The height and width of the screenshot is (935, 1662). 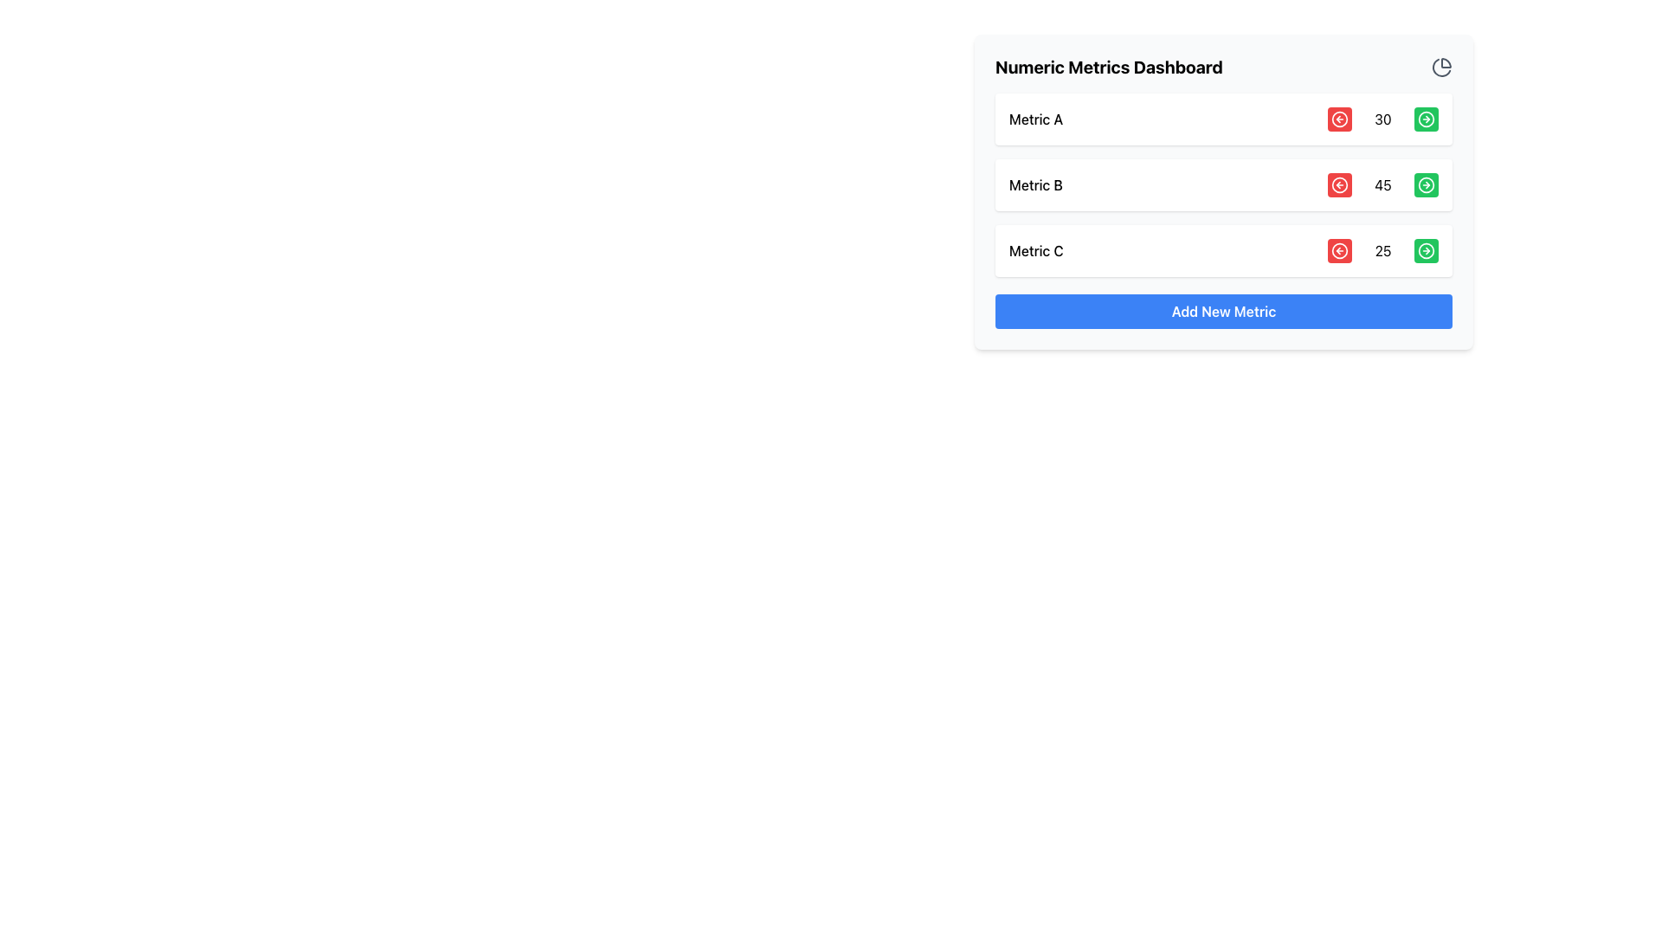 What do you see at coordinates (1426, 250) in the screenshot?
I see `the green circular button with a white arrow inside, located next to the numeric value of 'Metric C' in the 'Numeric Metrics Dashboard'` at bounding box center [1426, 250].